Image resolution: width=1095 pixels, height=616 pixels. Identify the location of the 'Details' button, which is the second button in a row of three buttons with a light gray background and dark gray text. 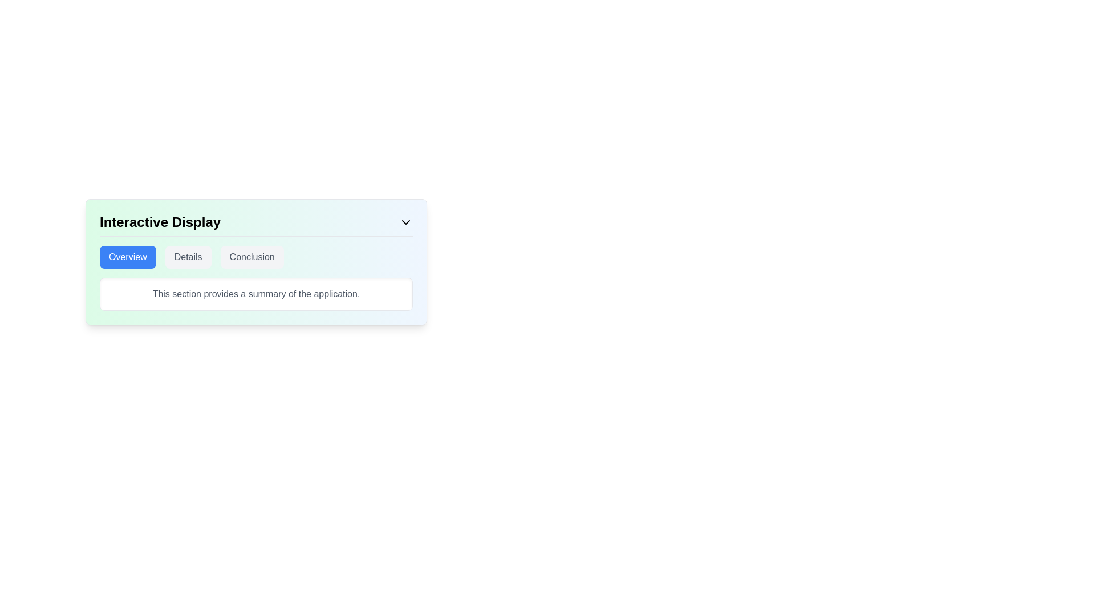
(188, 257).